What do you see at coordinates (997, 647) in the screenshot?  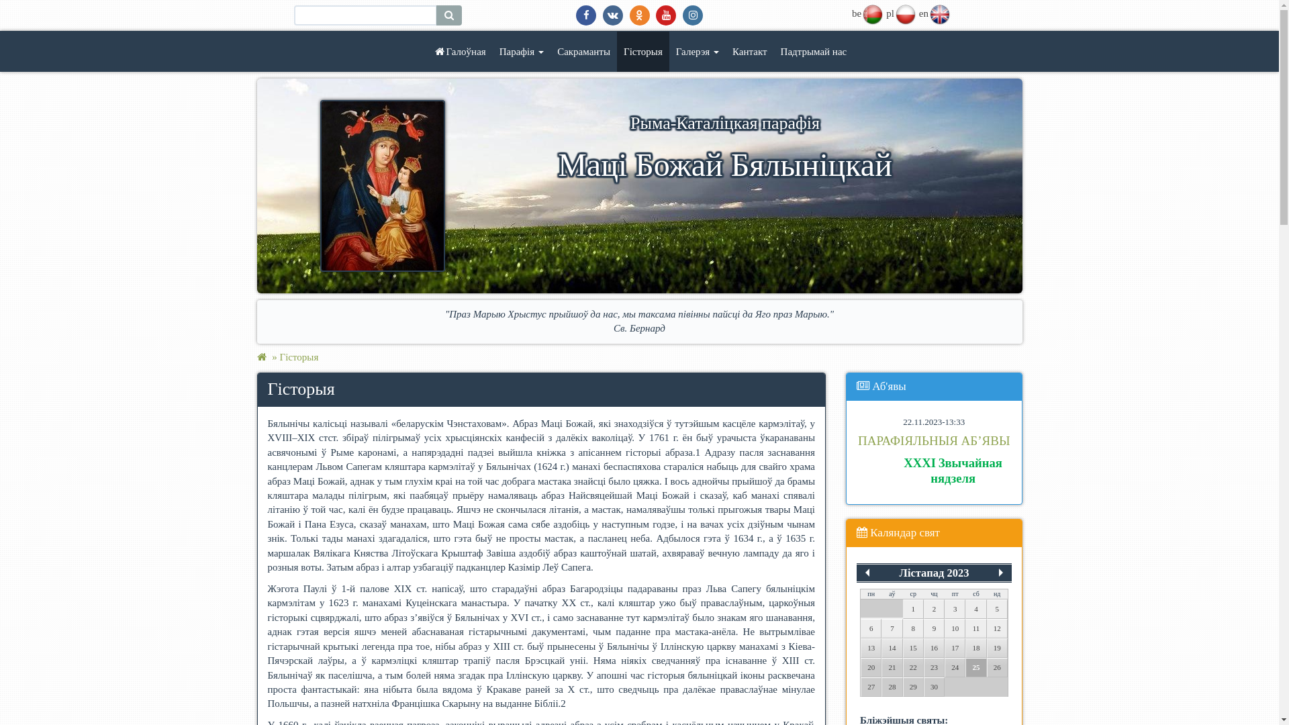 I see `'19'` at bounding box center [997, 647].